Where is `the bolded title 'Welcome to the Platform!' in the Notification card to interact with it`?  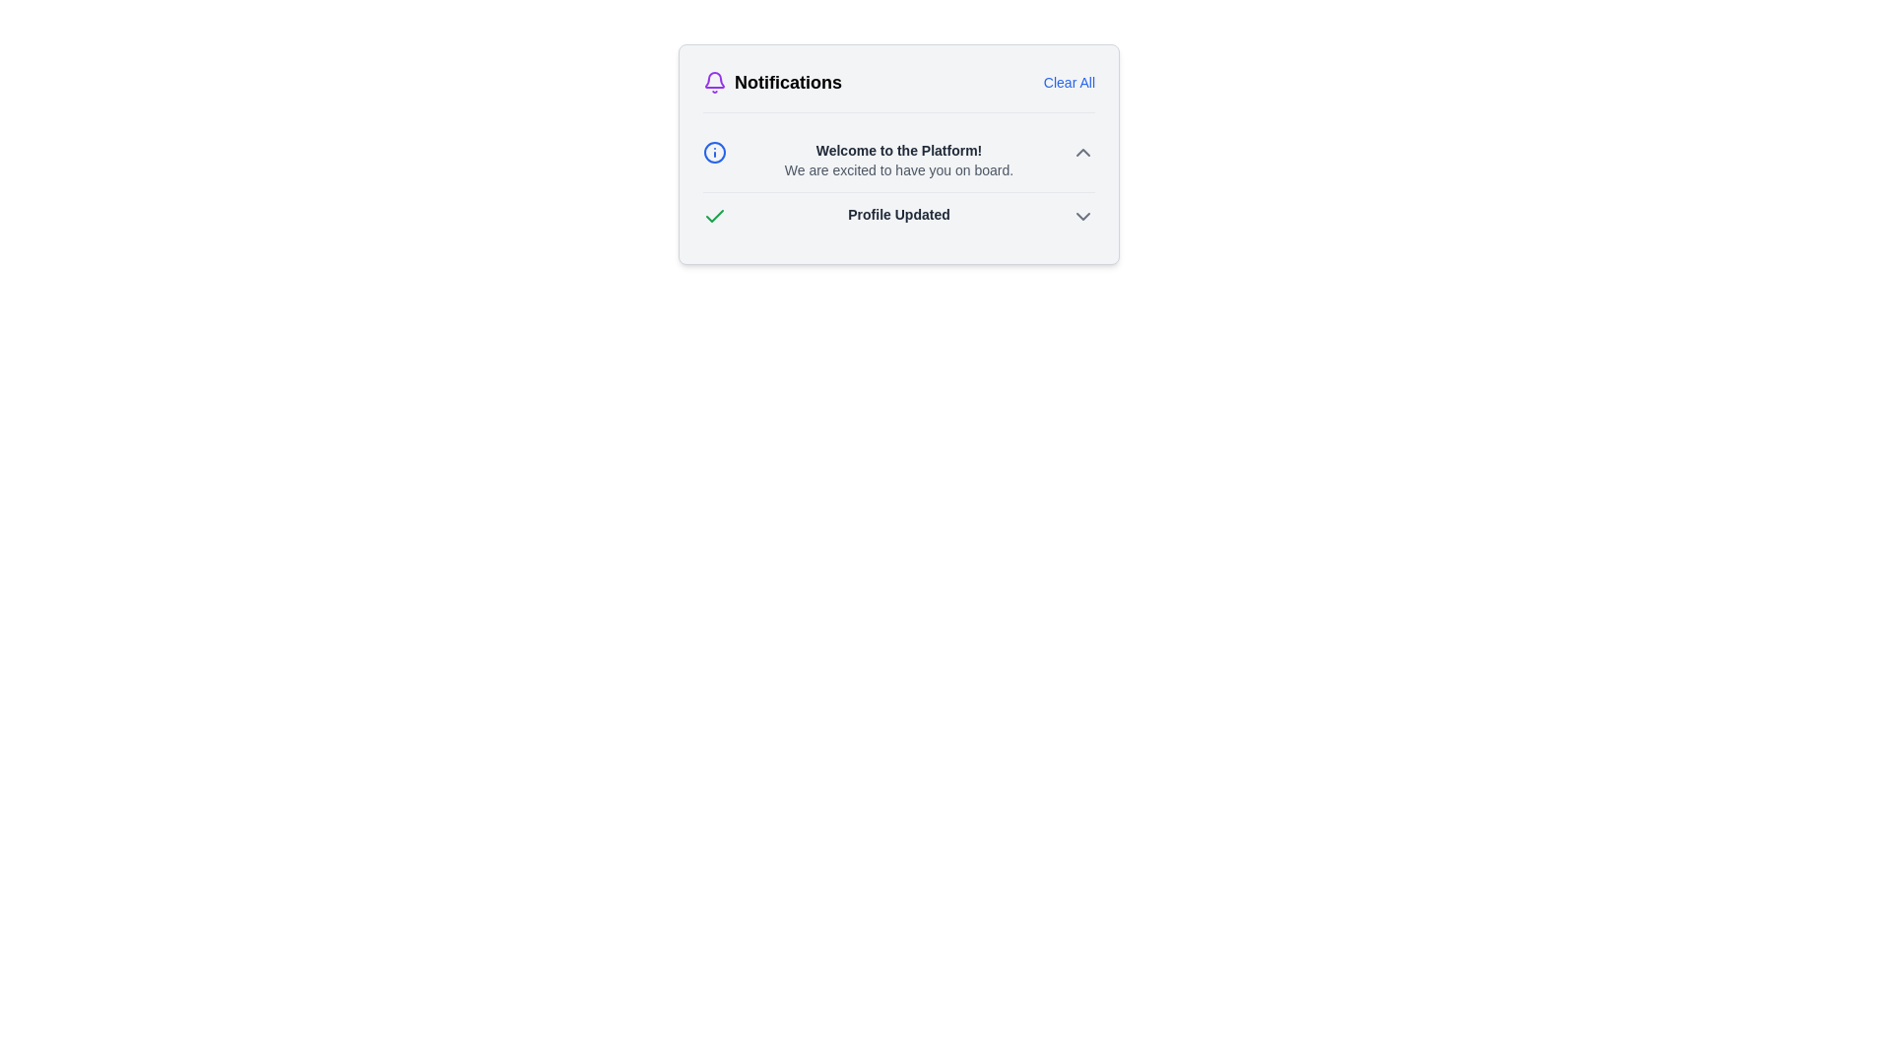 the bolded title 'Welcome to the Platform!' in the Notification card to interact with it is located at coordinates (897, 184).